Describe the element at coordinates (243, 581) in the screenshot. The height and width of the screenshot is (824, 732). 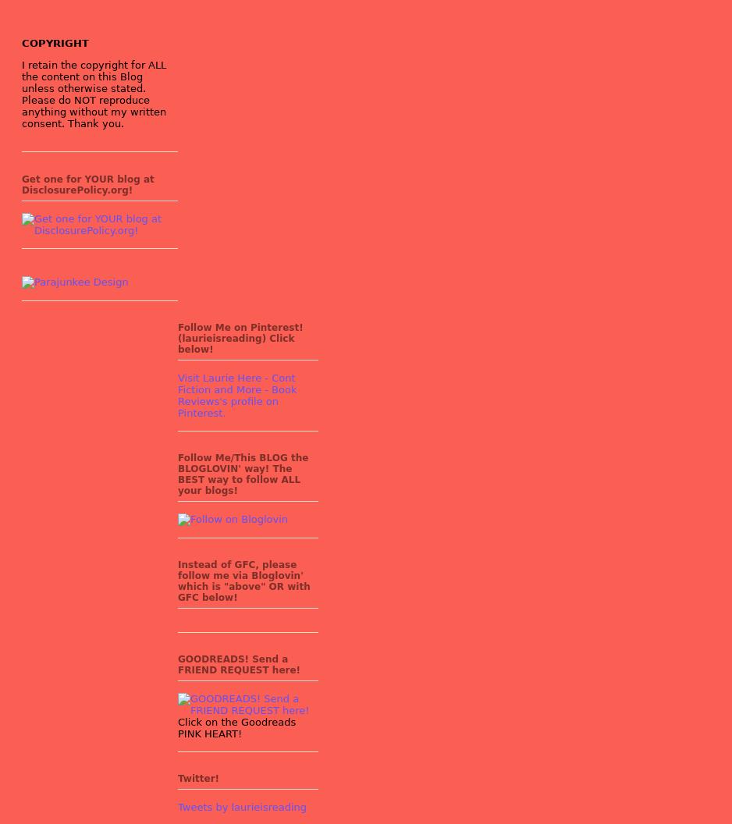
I see `'Instead of GFC, please follow me via Bloglovin' which is "above" OR with GFC below!'` at that location.